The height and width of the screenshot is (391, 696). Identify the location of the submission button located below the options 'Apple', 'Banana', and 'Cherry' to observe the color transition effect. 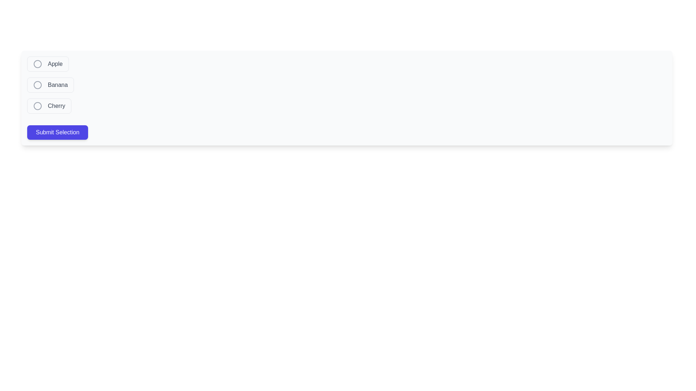
(57, 129).